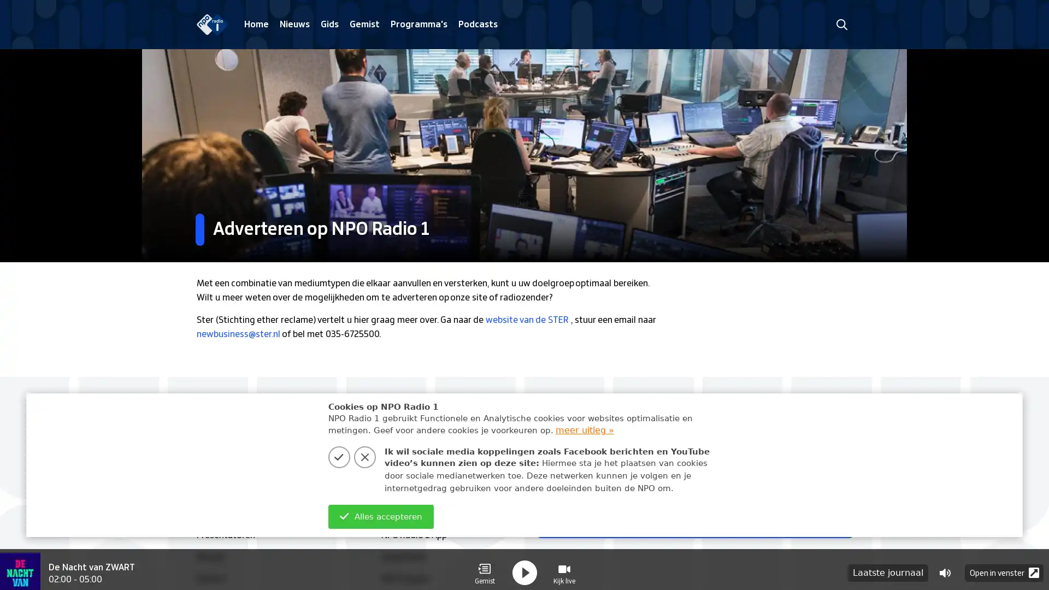  Describe the element at coordinates (944, 566) in the screenshot. I see `Volume control` at that location.